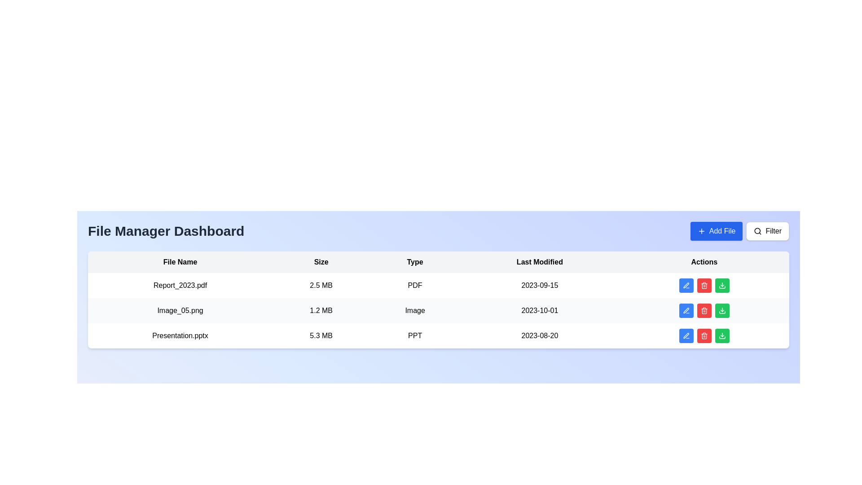 This screenshot has height=485, width=862. I want to click on the 'Add File' button located in the top-right area of the interface, directly to the left of the 'Filter' button, so click(716, 231).